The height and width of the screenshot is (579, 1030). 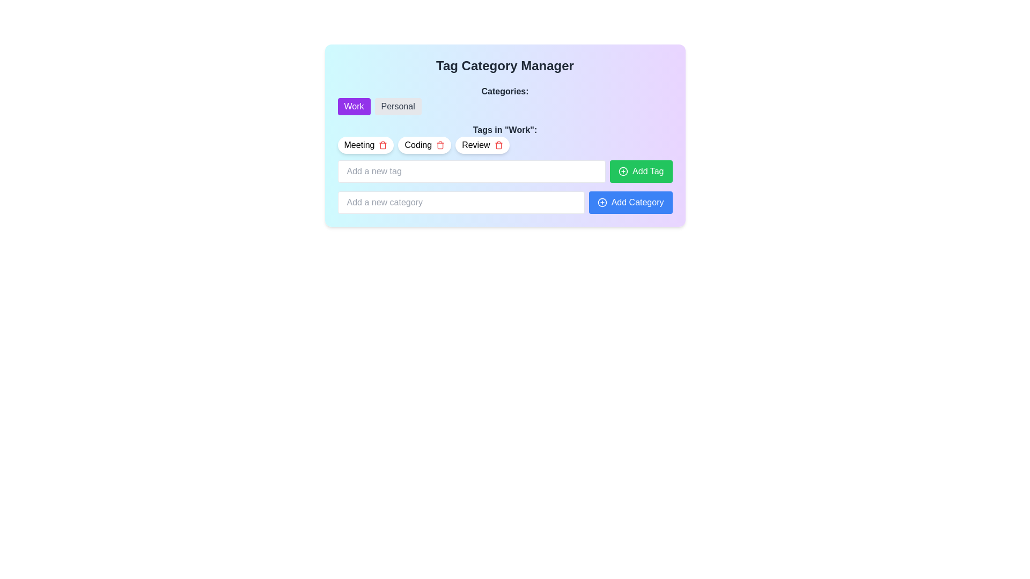 I want to click on the trash bin icon button located next to the 'Coding' text in the 'Tags in Work' section, so click(x=440, y=145).